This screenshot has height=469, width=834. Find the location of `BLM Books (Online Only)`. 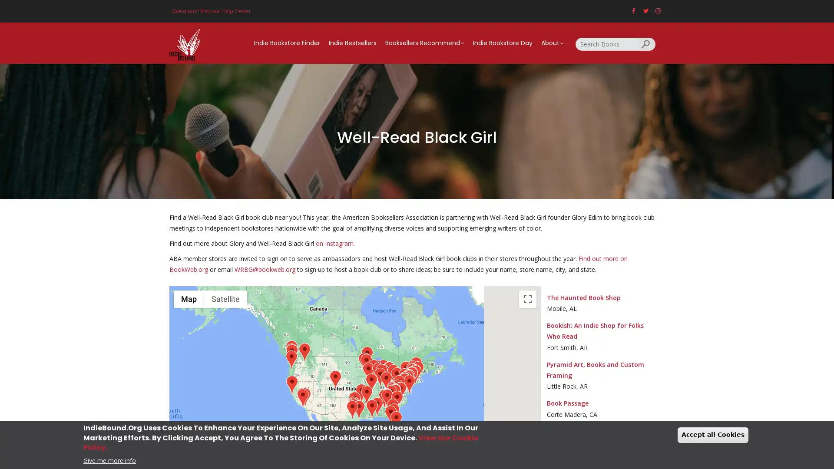

BLM Books (Online Only) is located at coordinates (410, 375).